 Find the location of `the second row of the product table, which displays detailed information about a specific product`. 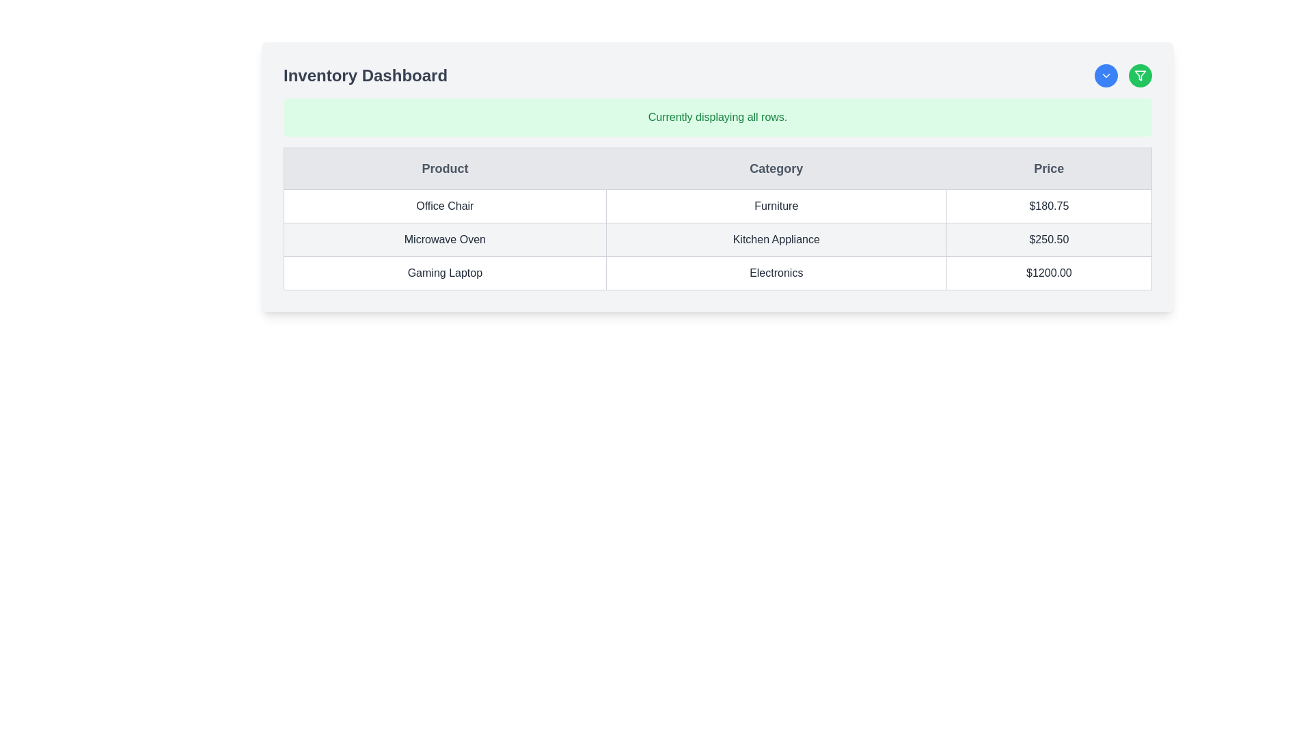

the second row of the product table, which displays detailed information about a specific product is located at coordinates (717, 239).